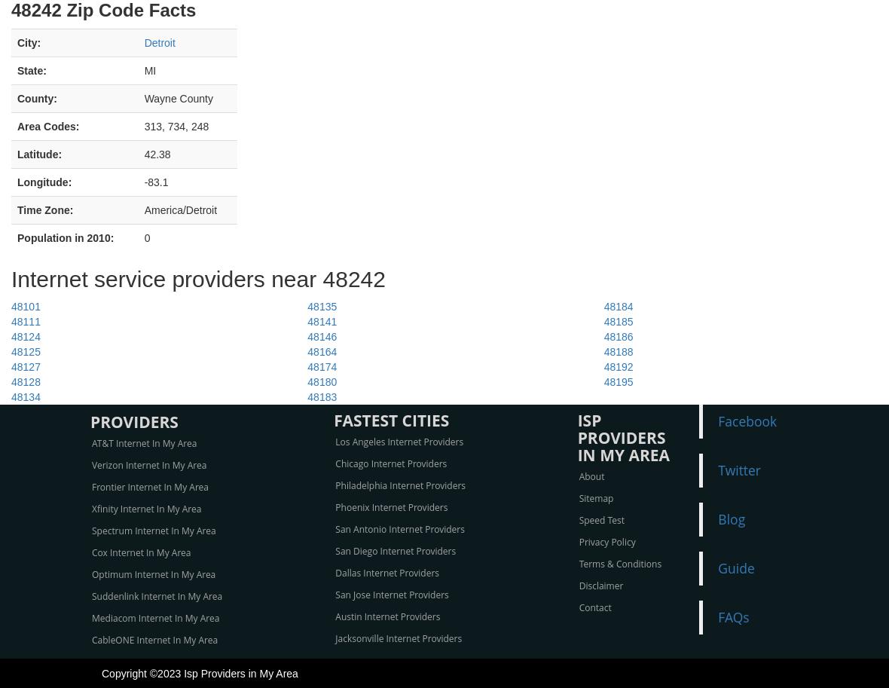  I want to click on 'Sitemap', so click(595, 497).